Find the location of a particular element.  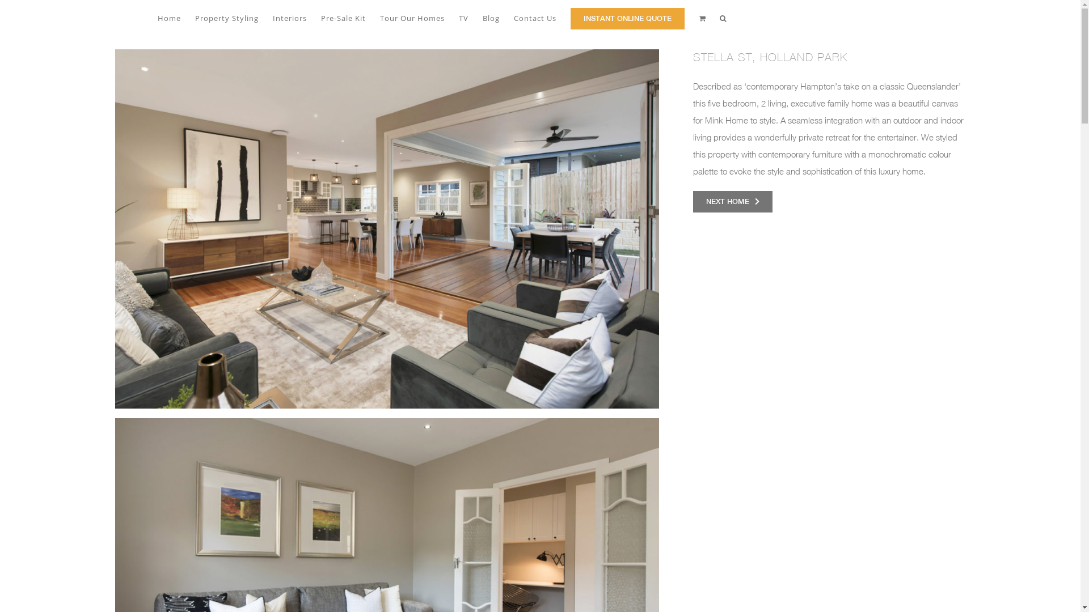

'Interiors' is located at coordinates (289, 17).